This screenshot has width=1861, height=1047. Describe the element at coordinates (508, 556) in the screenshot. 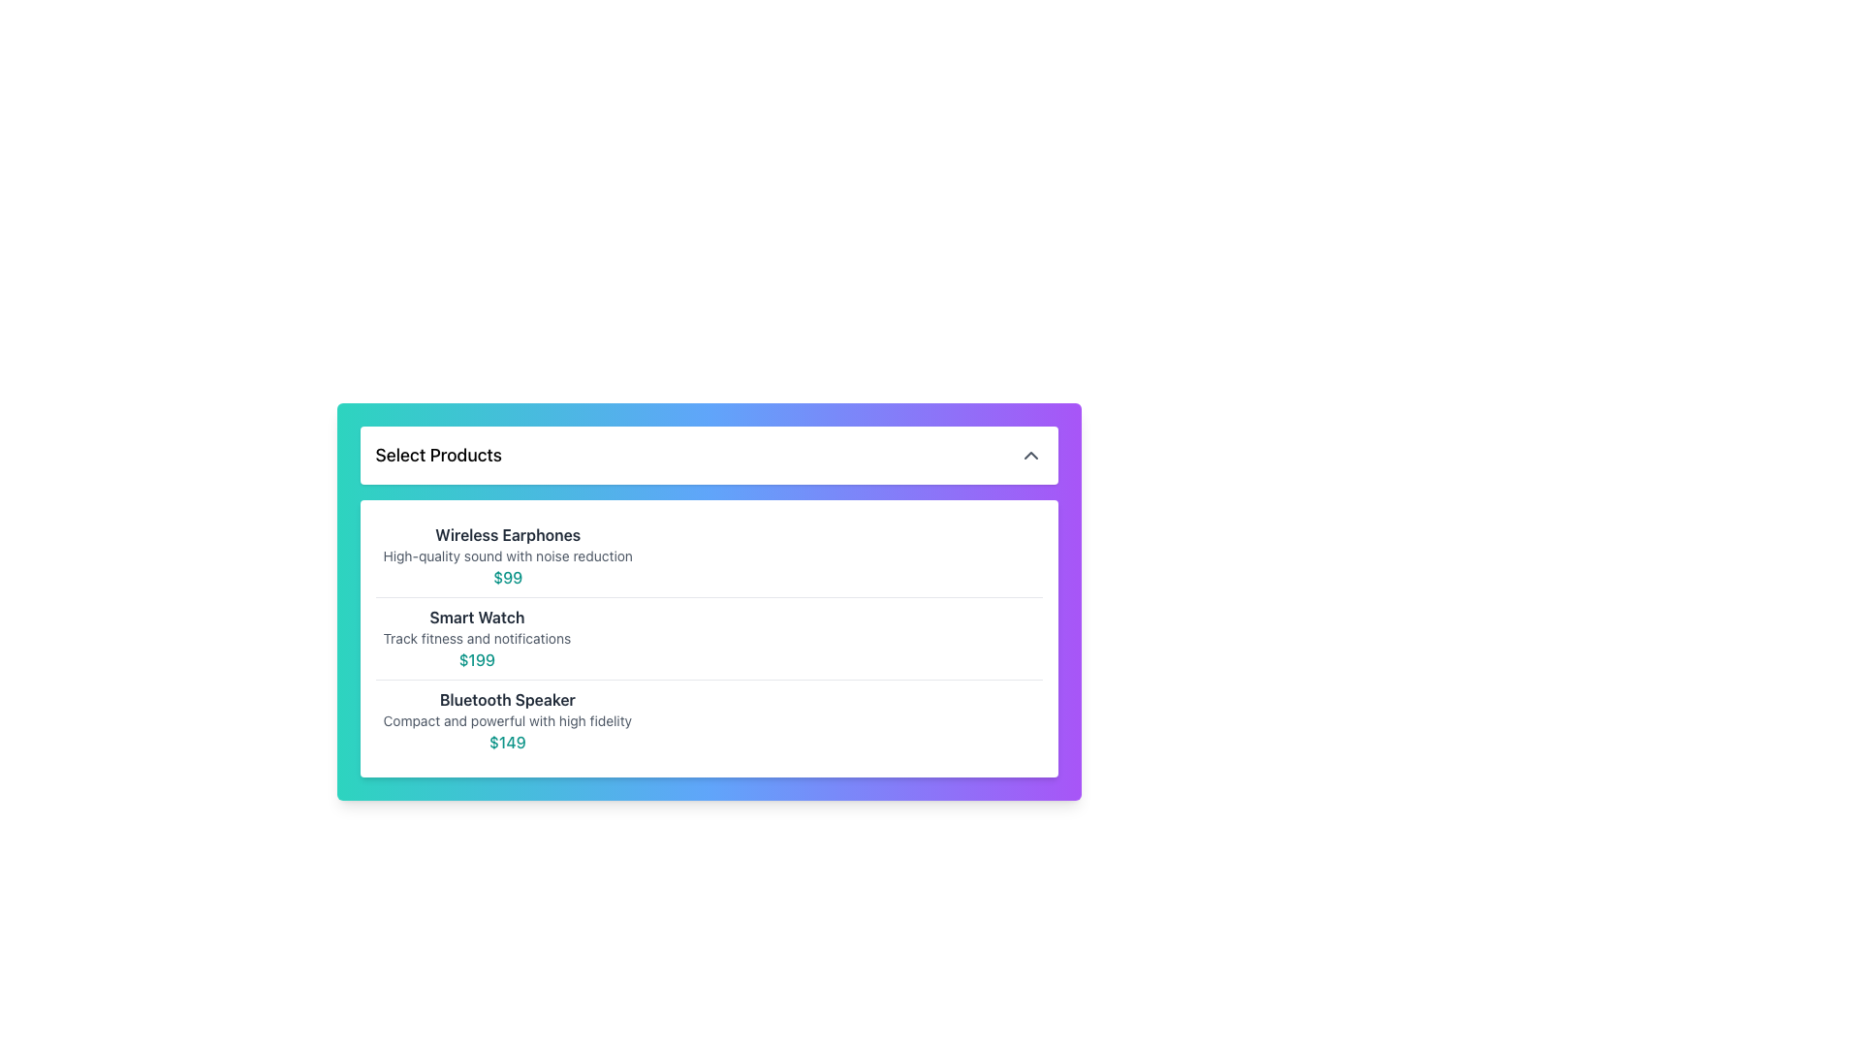

I see `the text label that reads 'High-quality sound with noise reduction', which is styled in a smaller gray font and positioned below the title 'Wireless Earphones'` at that location.